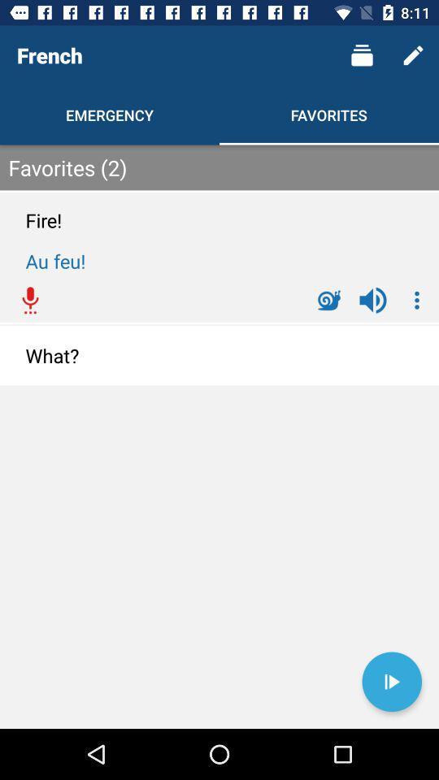 Image resolution: width=439 pixels, height=780 pixels. Describe the element at coordinates (413, 55) in the screenshot. I see `item above favorites (2)` at that location.